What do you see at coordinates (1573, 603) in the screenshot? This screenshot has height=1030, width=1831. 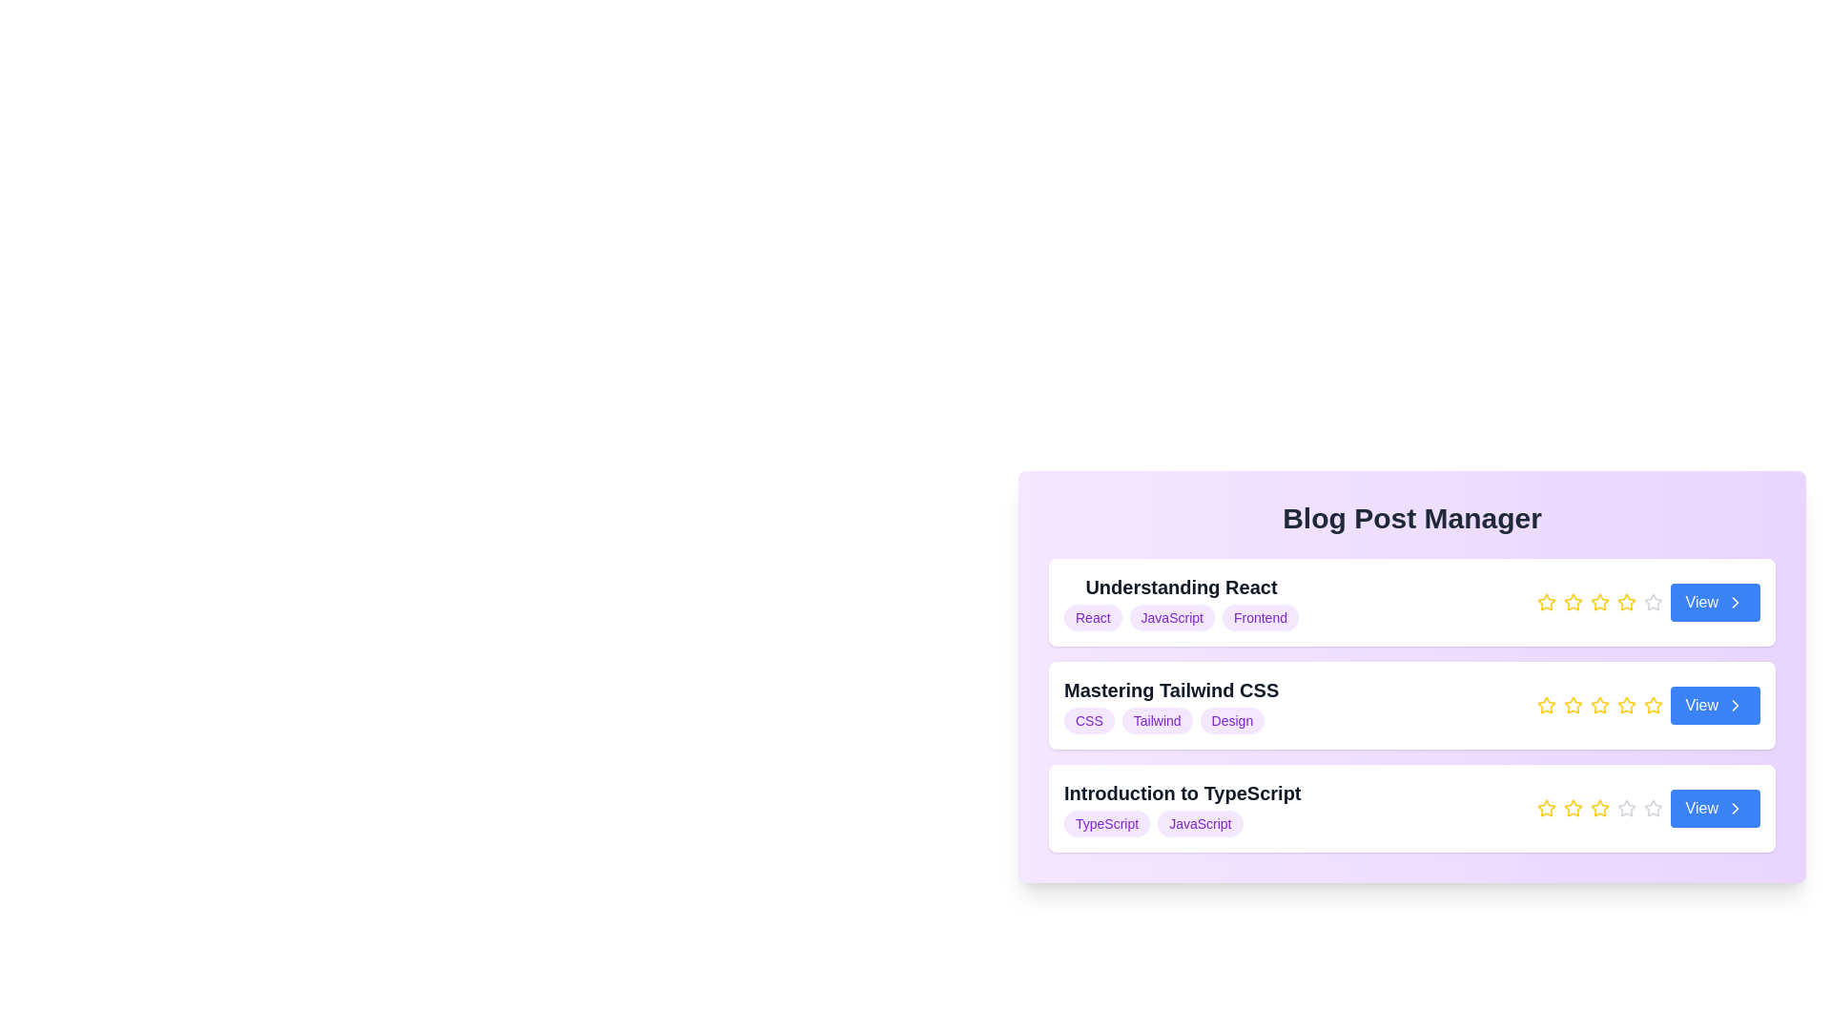 I see `the third star-shaped rating control icon, which is yellow and styled with sharp edges, located in the 'Understanding React' card in the 'Blog Post Manager' section` at bounding box center [1573, 603].